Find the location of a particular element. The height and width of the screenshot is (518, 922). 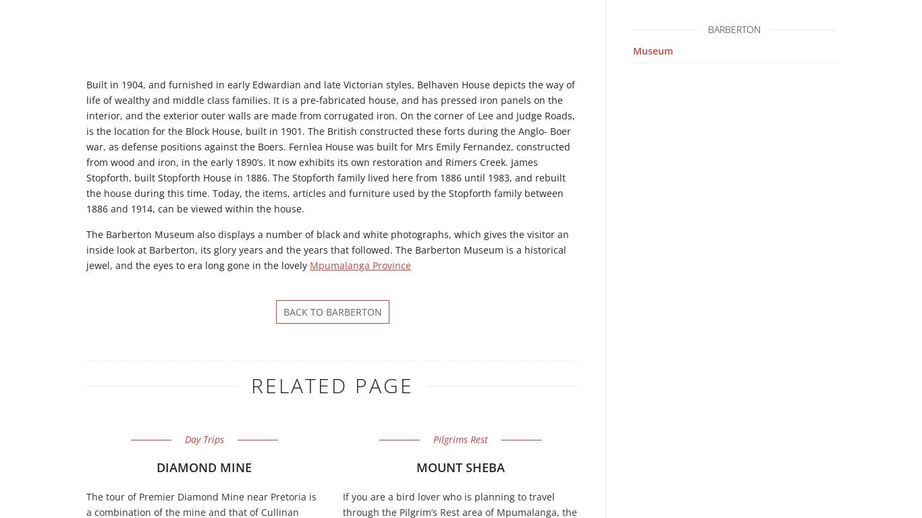

'glory' is located at coordinates (223, 250).